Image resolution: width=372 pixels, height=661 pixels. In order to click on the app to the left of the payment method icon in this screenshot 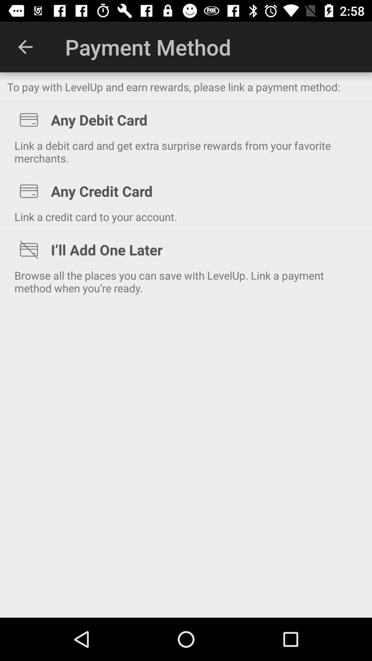, I will do `click(25, 46)`.